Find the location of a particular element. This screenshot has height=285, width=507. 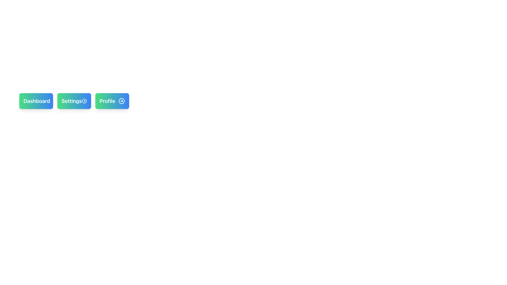

the 'Settings' text label, which is styled in bold white font and located at the center of a gradient button transitioning from green to blue is located at coordinates (71, 101).